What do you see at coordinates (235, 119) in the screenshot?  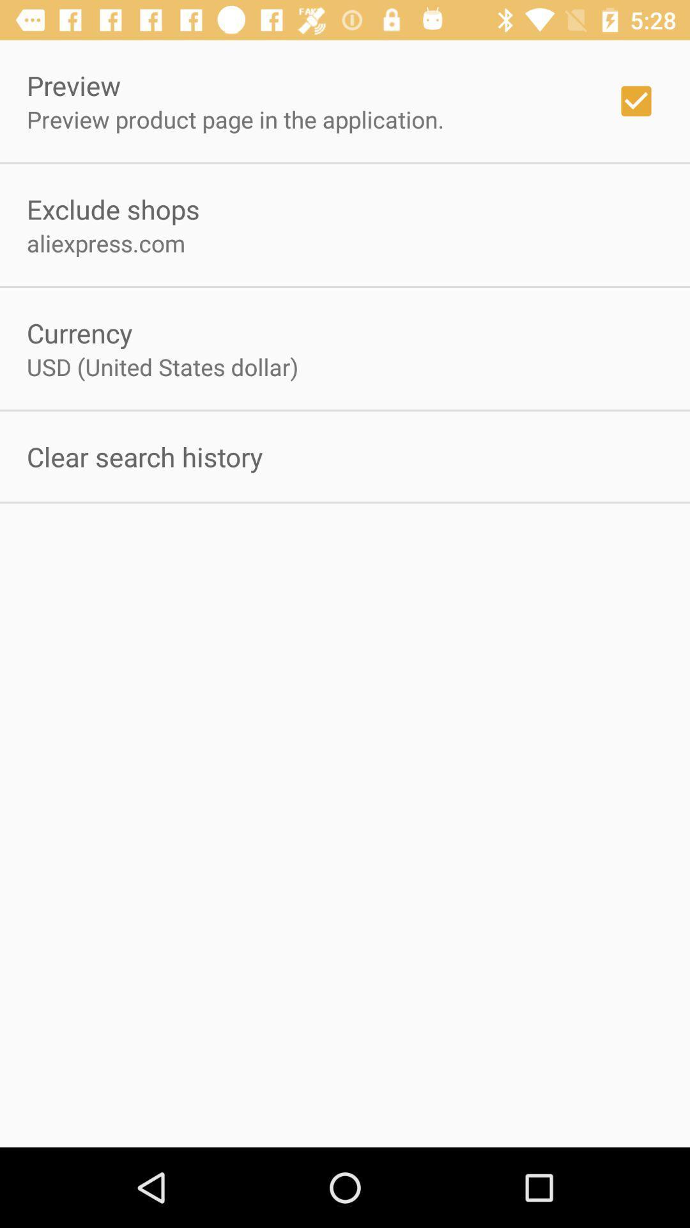 I see `the app above exclude shops app` at bounding box center [235, 119].